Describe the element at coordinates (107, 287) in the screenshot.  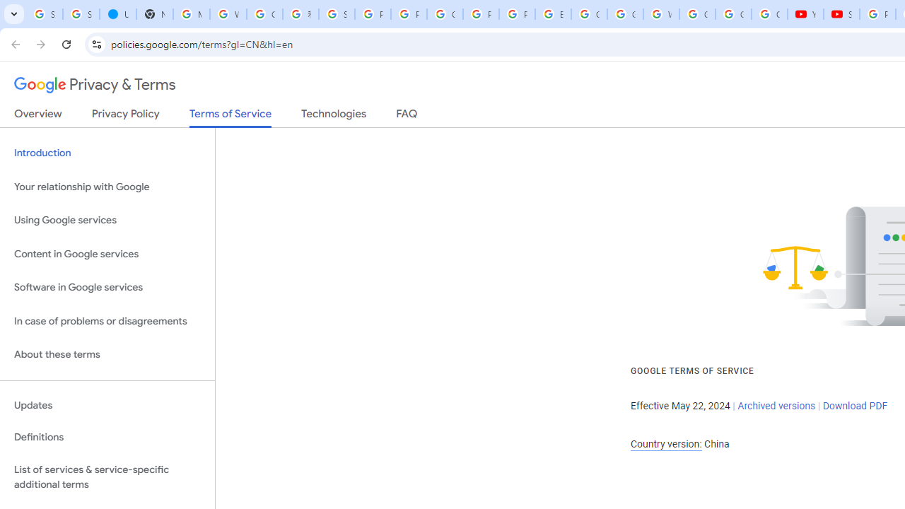
I see `'Software in Google services'` at that location.